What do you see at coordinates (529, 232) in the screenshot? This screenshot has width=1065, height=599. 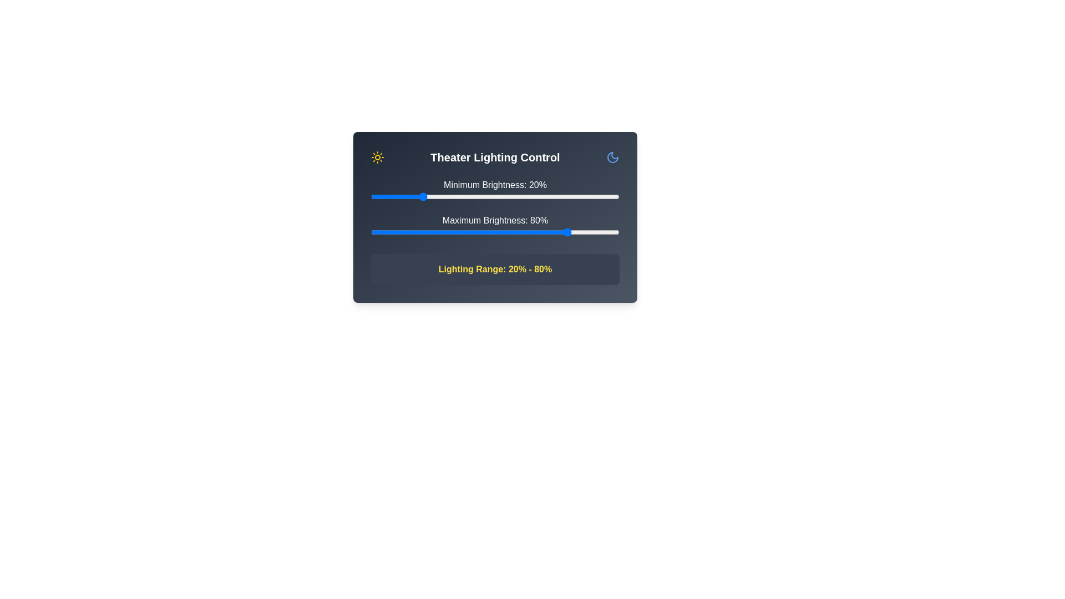 I see `the maximum brightness slider to 64%` at bounding box center [529, 232].